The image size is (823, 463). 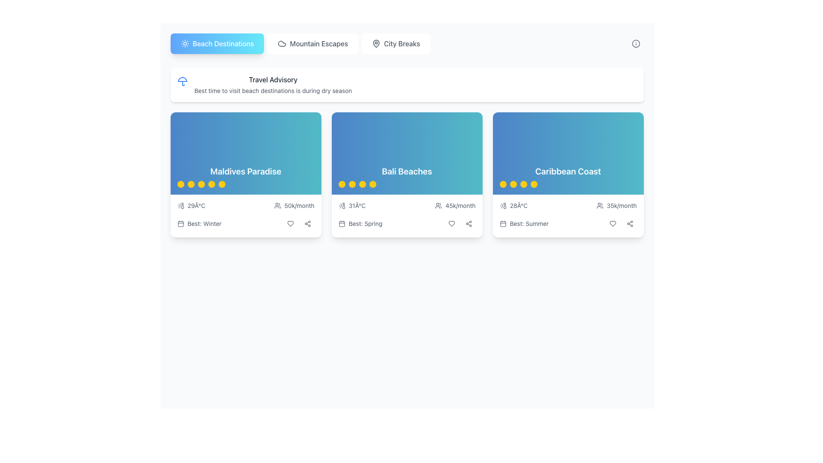 I want to click on the second circular rating indicator dot with a yellow background located beneath the title 'Bali Beaches' in the second card from the left in the row of cards, so click(x=352, y=183).